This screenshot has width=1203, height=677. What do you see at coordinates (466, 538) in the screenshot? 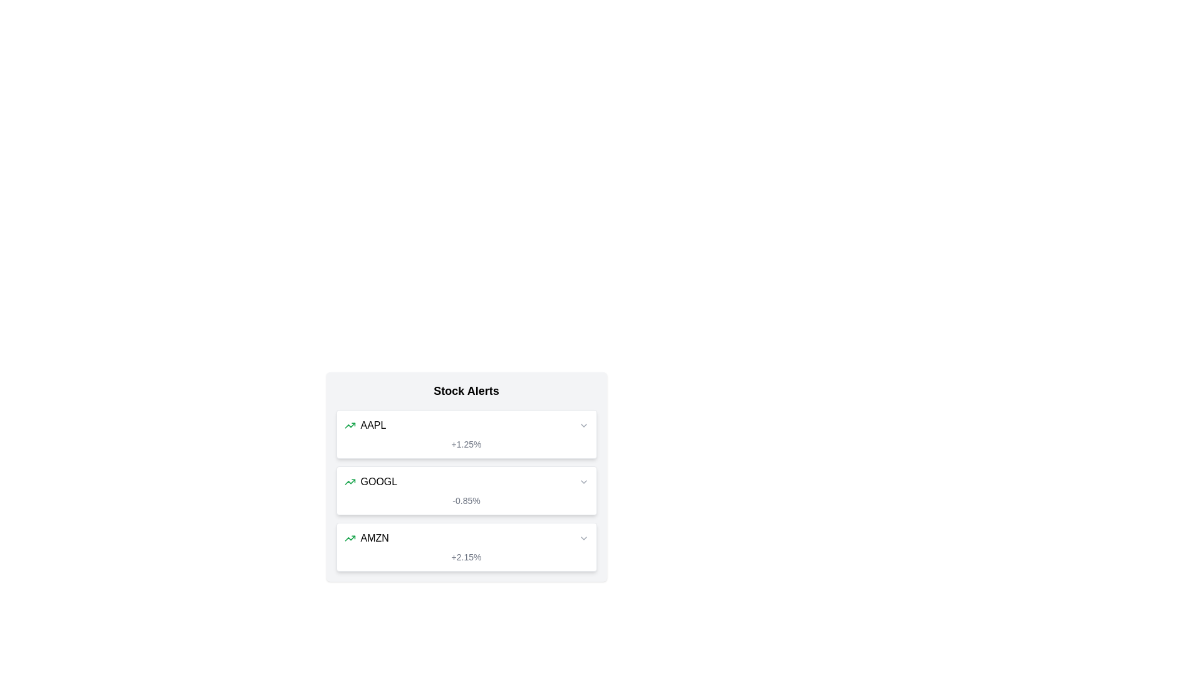
I see `graphical trend indicator of the highlighted stock alert item 'AMZN', which displays an upward trending arrow icon next to the text` at bounding box center [466, 538].